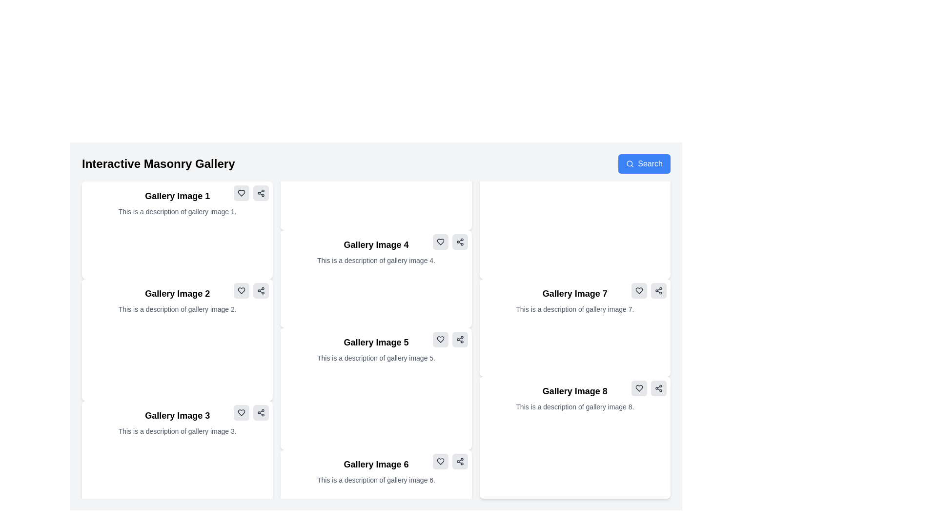  What do you see at coordinates (261, 193) in the screenshot?
I see `the share button located at the top-right corner of the 'Gallery Image 1' card, which features a light gray background and a dark gray share icon` at bounding box center [261, 193].